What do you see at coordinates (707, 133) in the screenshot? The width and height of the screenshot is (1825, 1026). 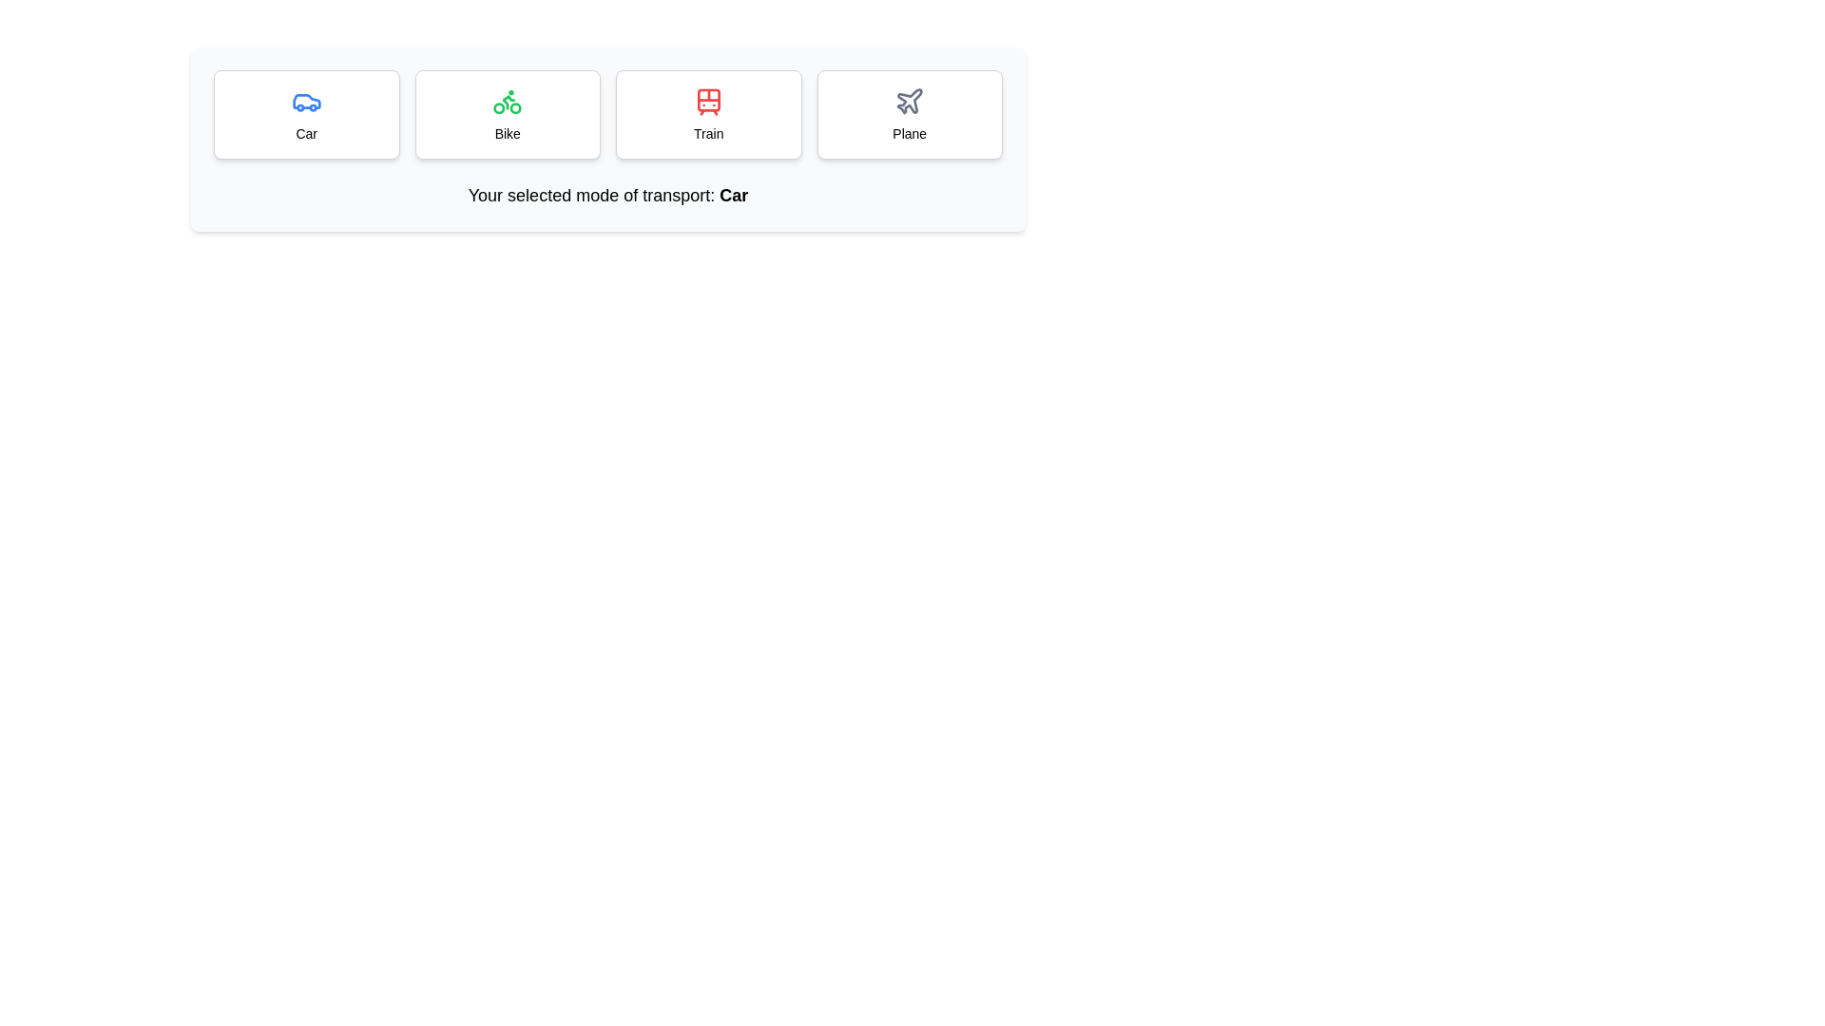 I see `the text label for the transport mode 'Train', which is located directly underneath the train icon in the third button of the transport mode options grid` at bounding box center [707, 133].